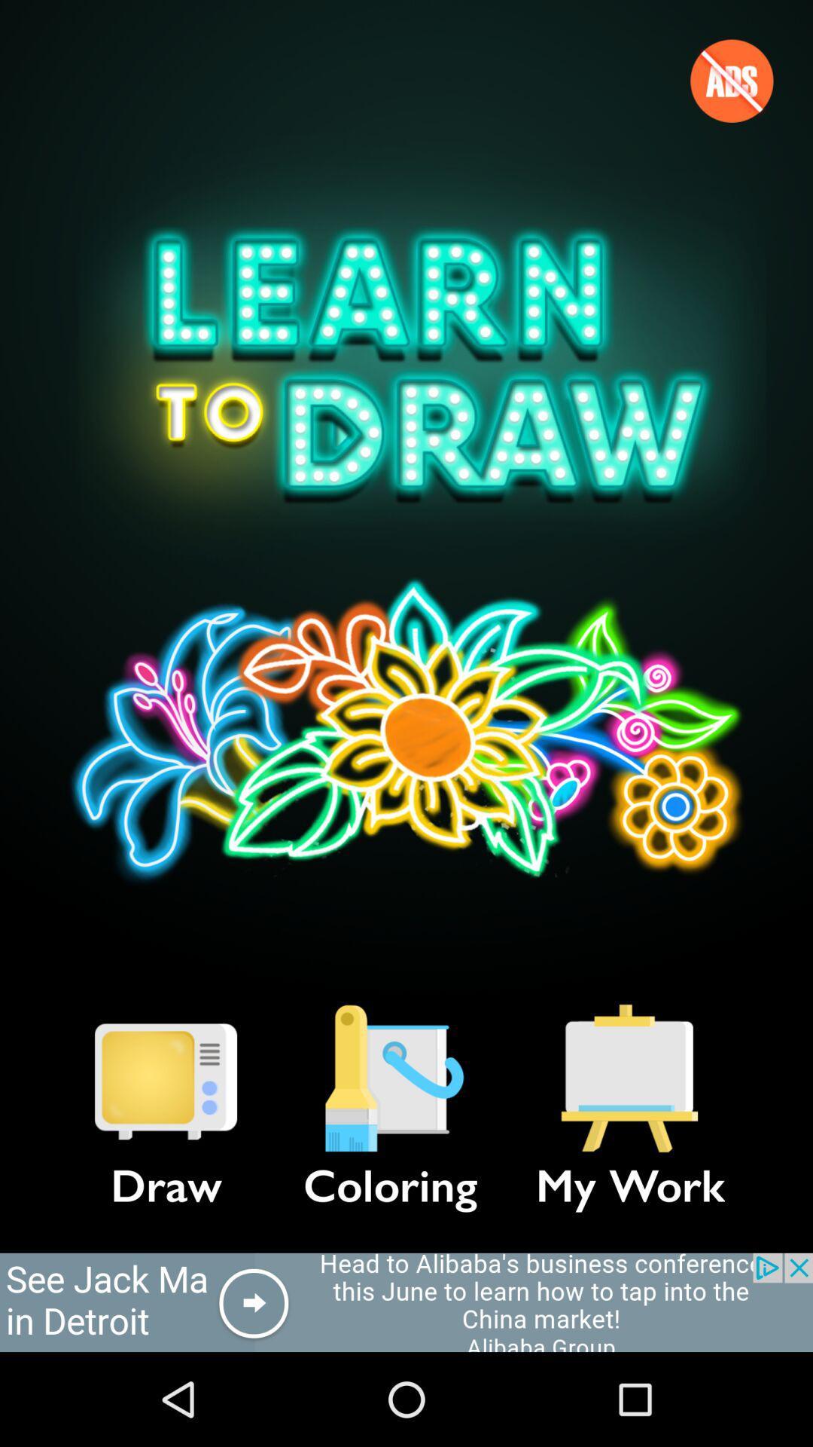 This screenshot has width=813, height=1447. Describe the element at coordinates (390, 1078) in the screenshot. I see `icon above the coloring` at that location.